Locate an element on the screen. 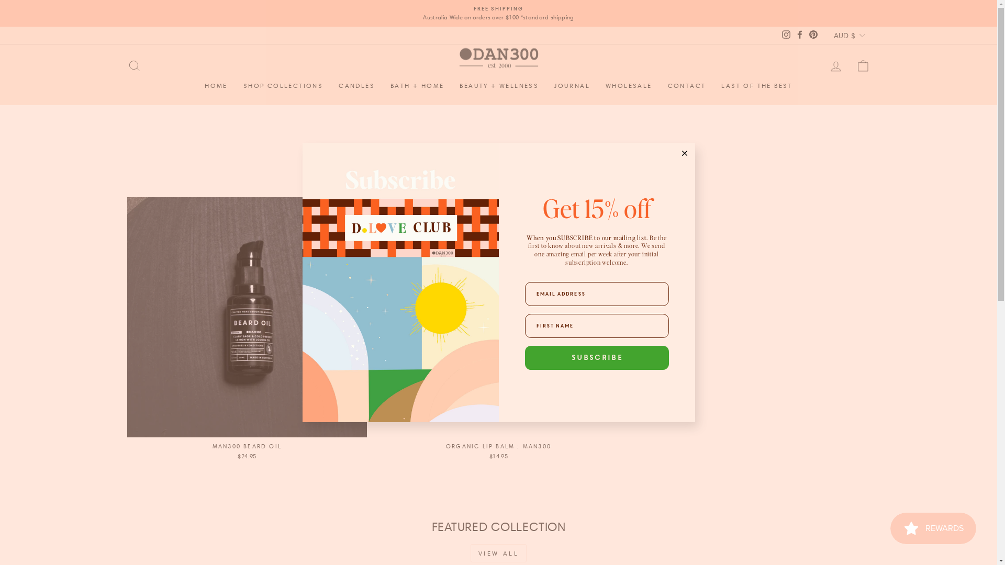  'BATH + HOME' is located at coordinates (416, 85).